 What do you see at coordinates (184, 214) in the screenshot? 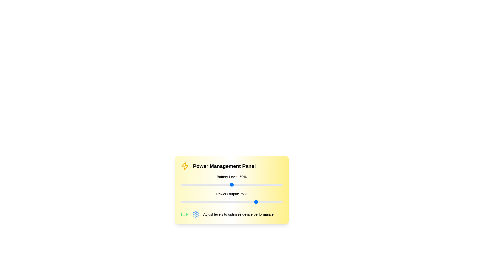
I see `the battery icon` at bounding box center [184, 214].